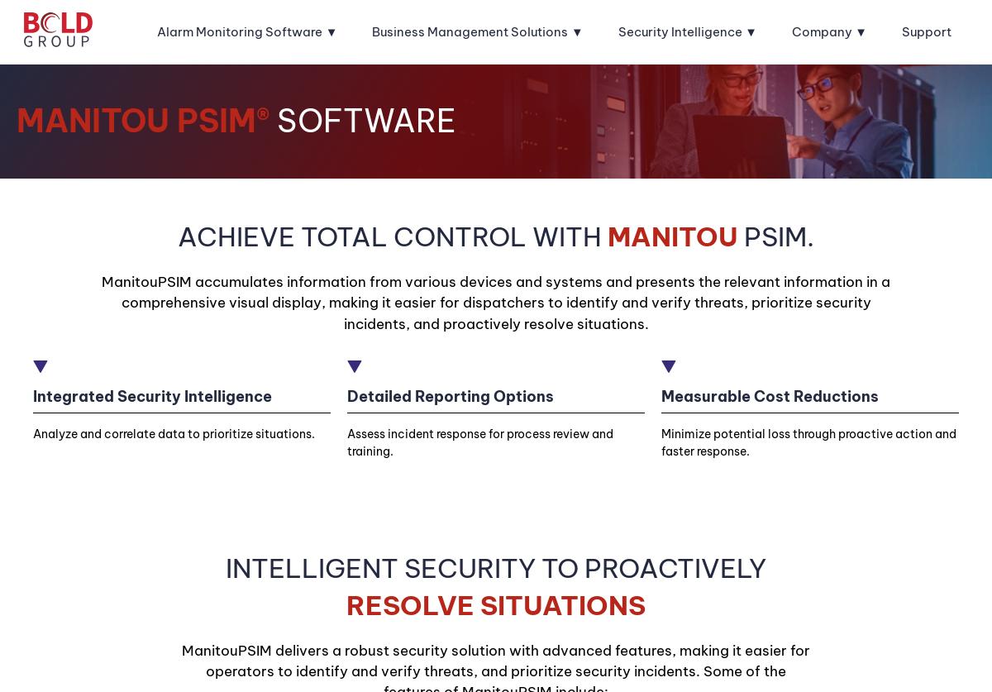 Image resolution: width=992 pixels, height=692 pixels. Describe the element at coordinates (362, 119) in the screenshot. I see `'Software'` at that location.